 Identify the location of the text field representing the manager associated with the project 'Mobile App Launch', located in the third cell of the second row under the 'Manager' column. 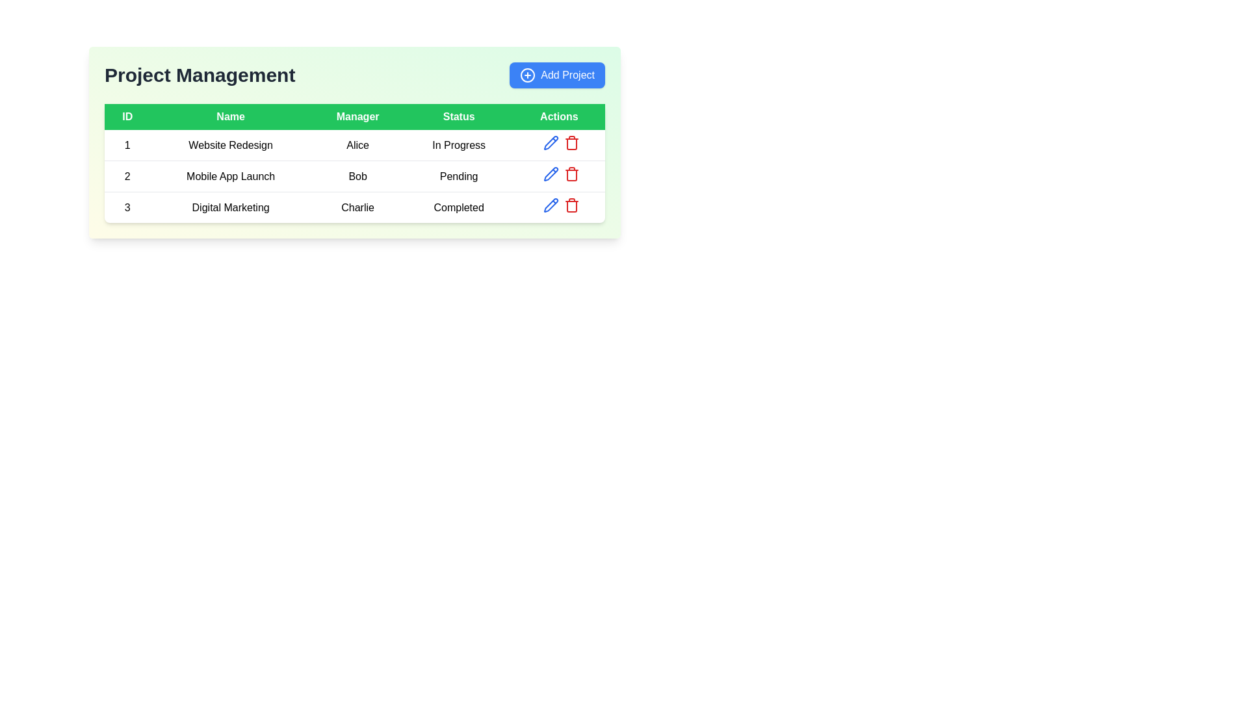
(355, 176).